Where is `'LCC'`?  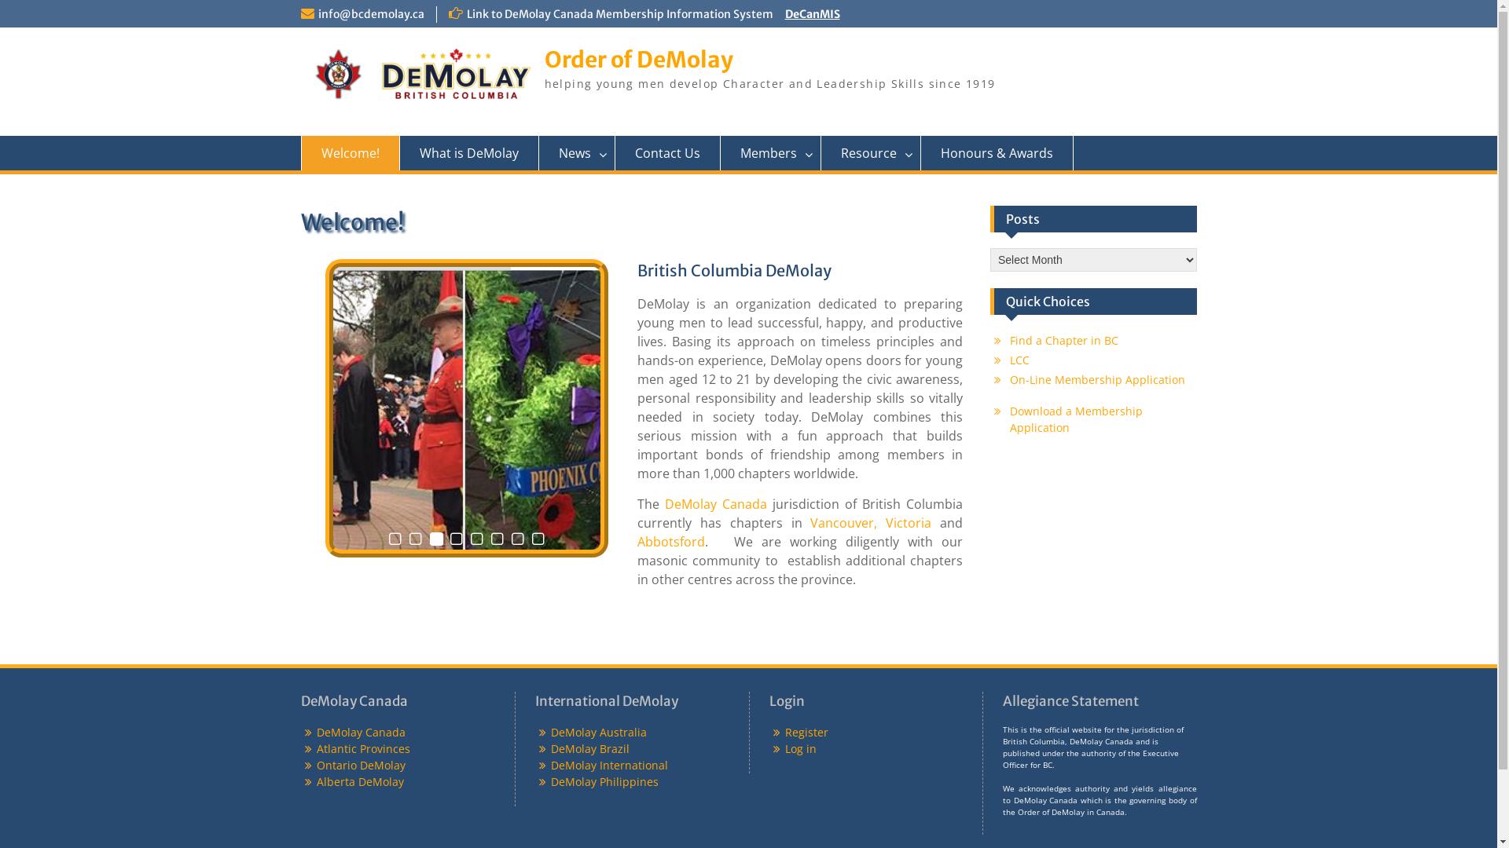
'LCC' is located at coordinates (1019, 360).